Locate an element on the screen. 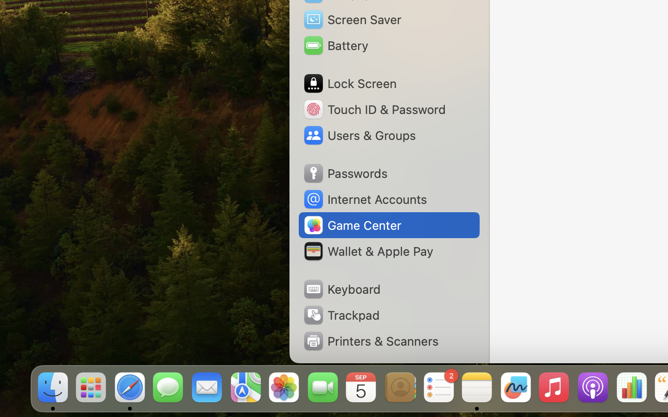 The width and height of the screenshot is (668, 417). 'Touch ID & Password' is located at coordinates (374, 108).